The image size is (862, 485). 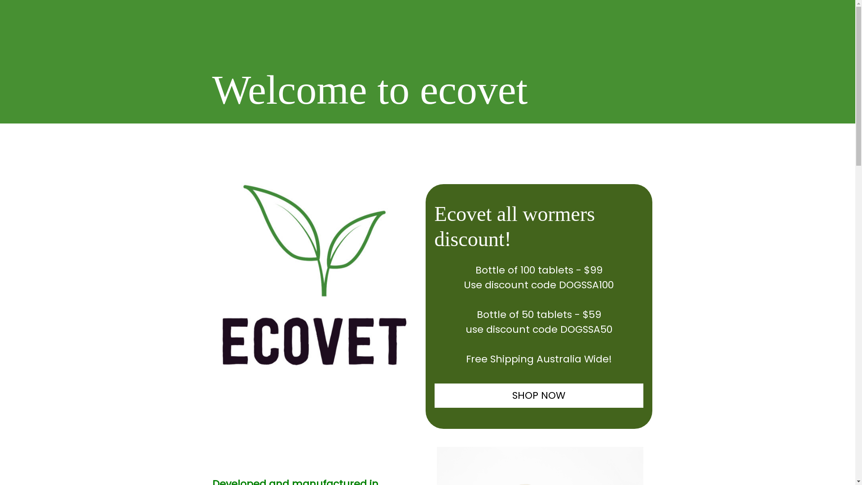 I want to click on 'SHOP NOW', so click(x=539, y=395).